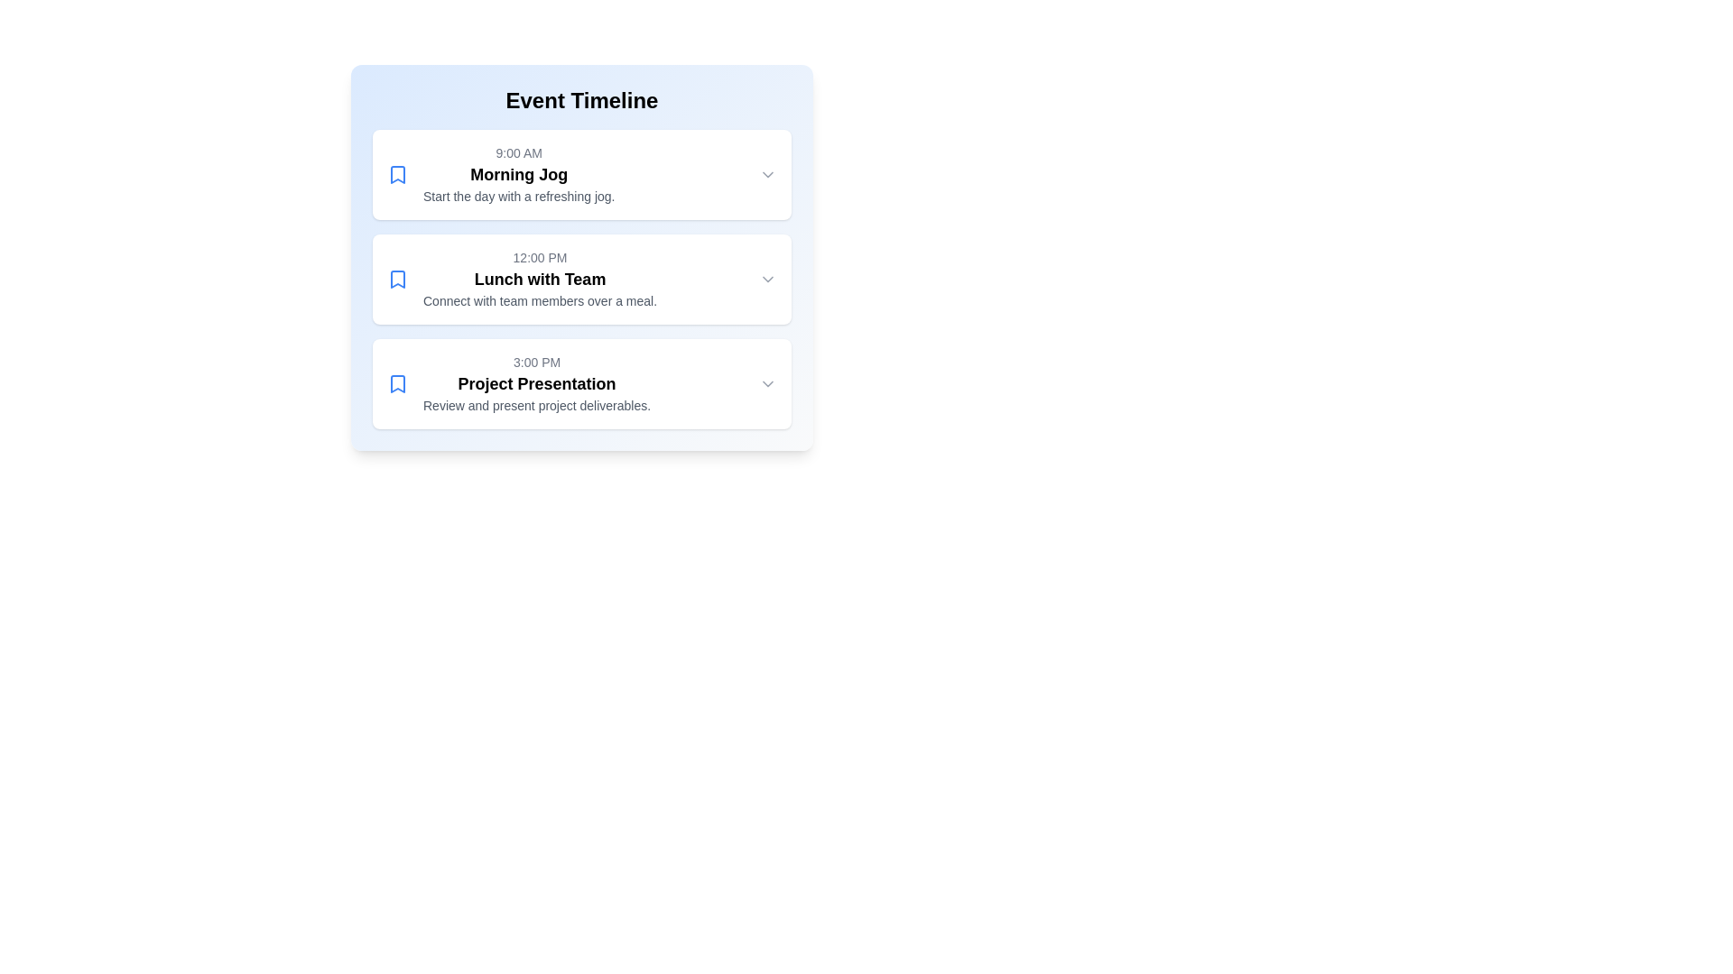 The image size is (1733, 974). Describe the element at coordinates (539, 257) in the screenshot. I see `the text label displaying '12:00 PM', which is styled in gray and is positioned above the header 'Lunch with Team' in the event card` at that location.